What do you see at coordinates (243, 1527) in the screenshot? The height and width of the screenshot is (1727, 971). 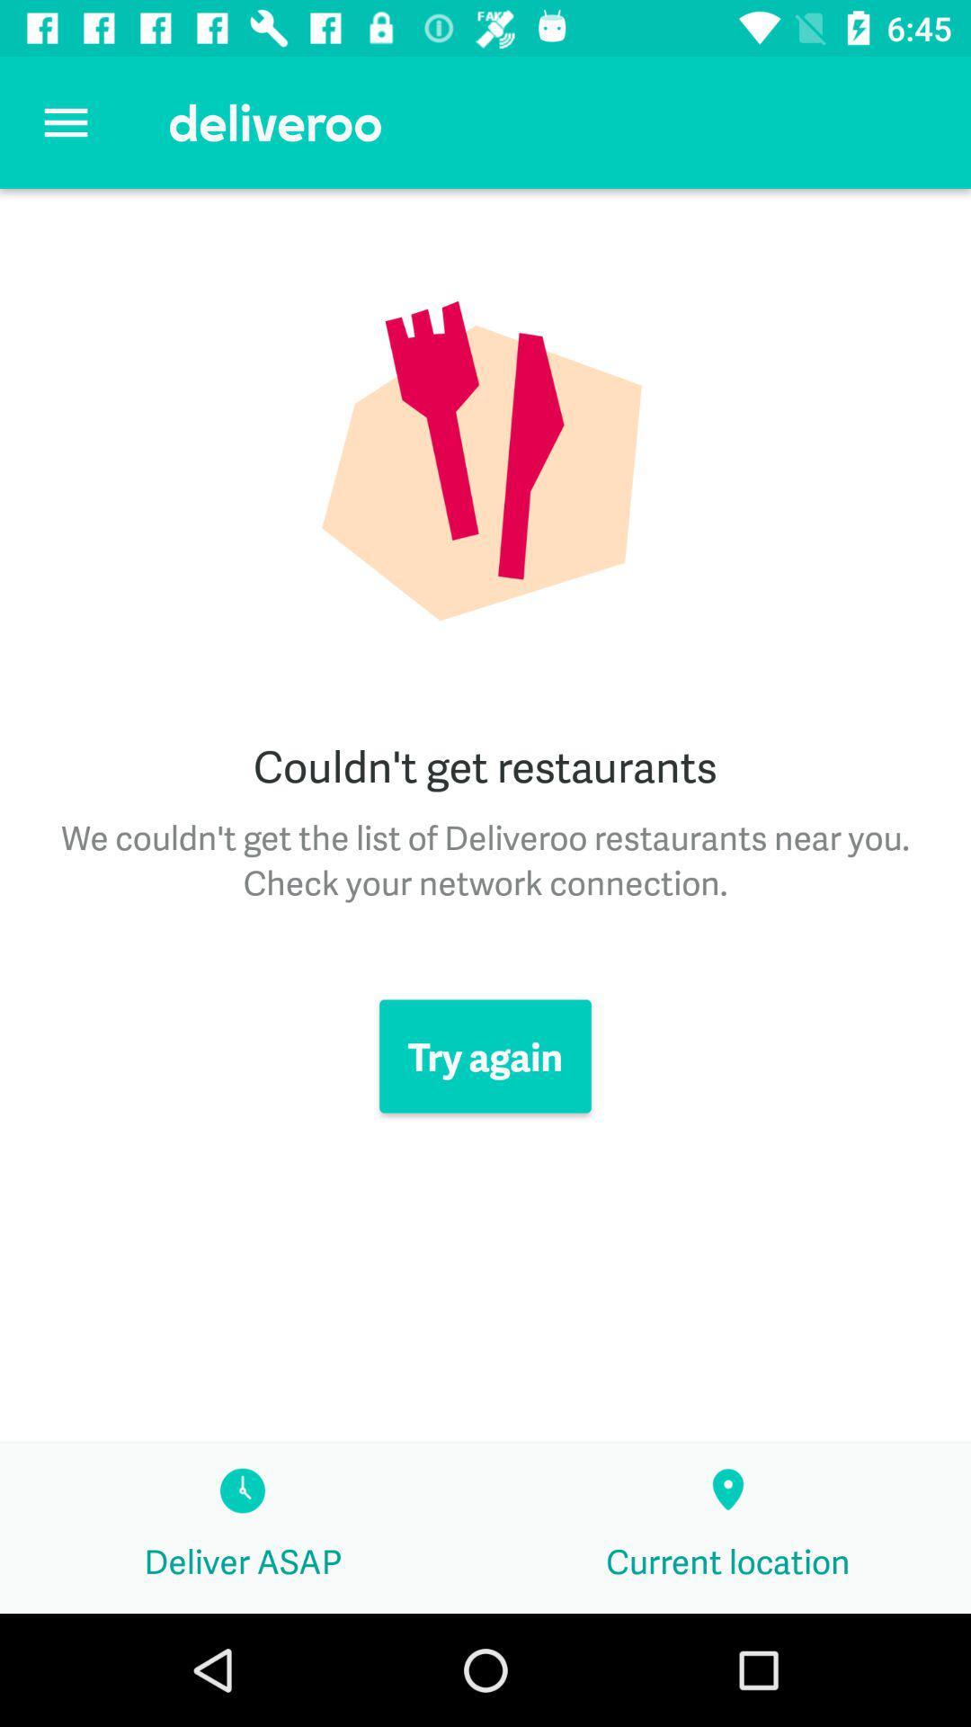 I see `the deliver asap` at bounding box center [243, 1527].